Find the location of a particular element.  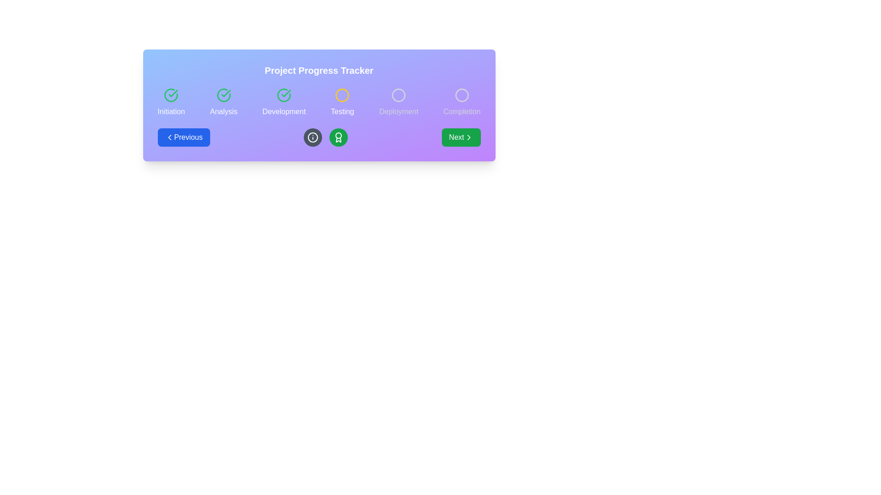

the central circle of the trophy-like icon, which is part of the project progress tracking interface is located at coordinates (338, 136).